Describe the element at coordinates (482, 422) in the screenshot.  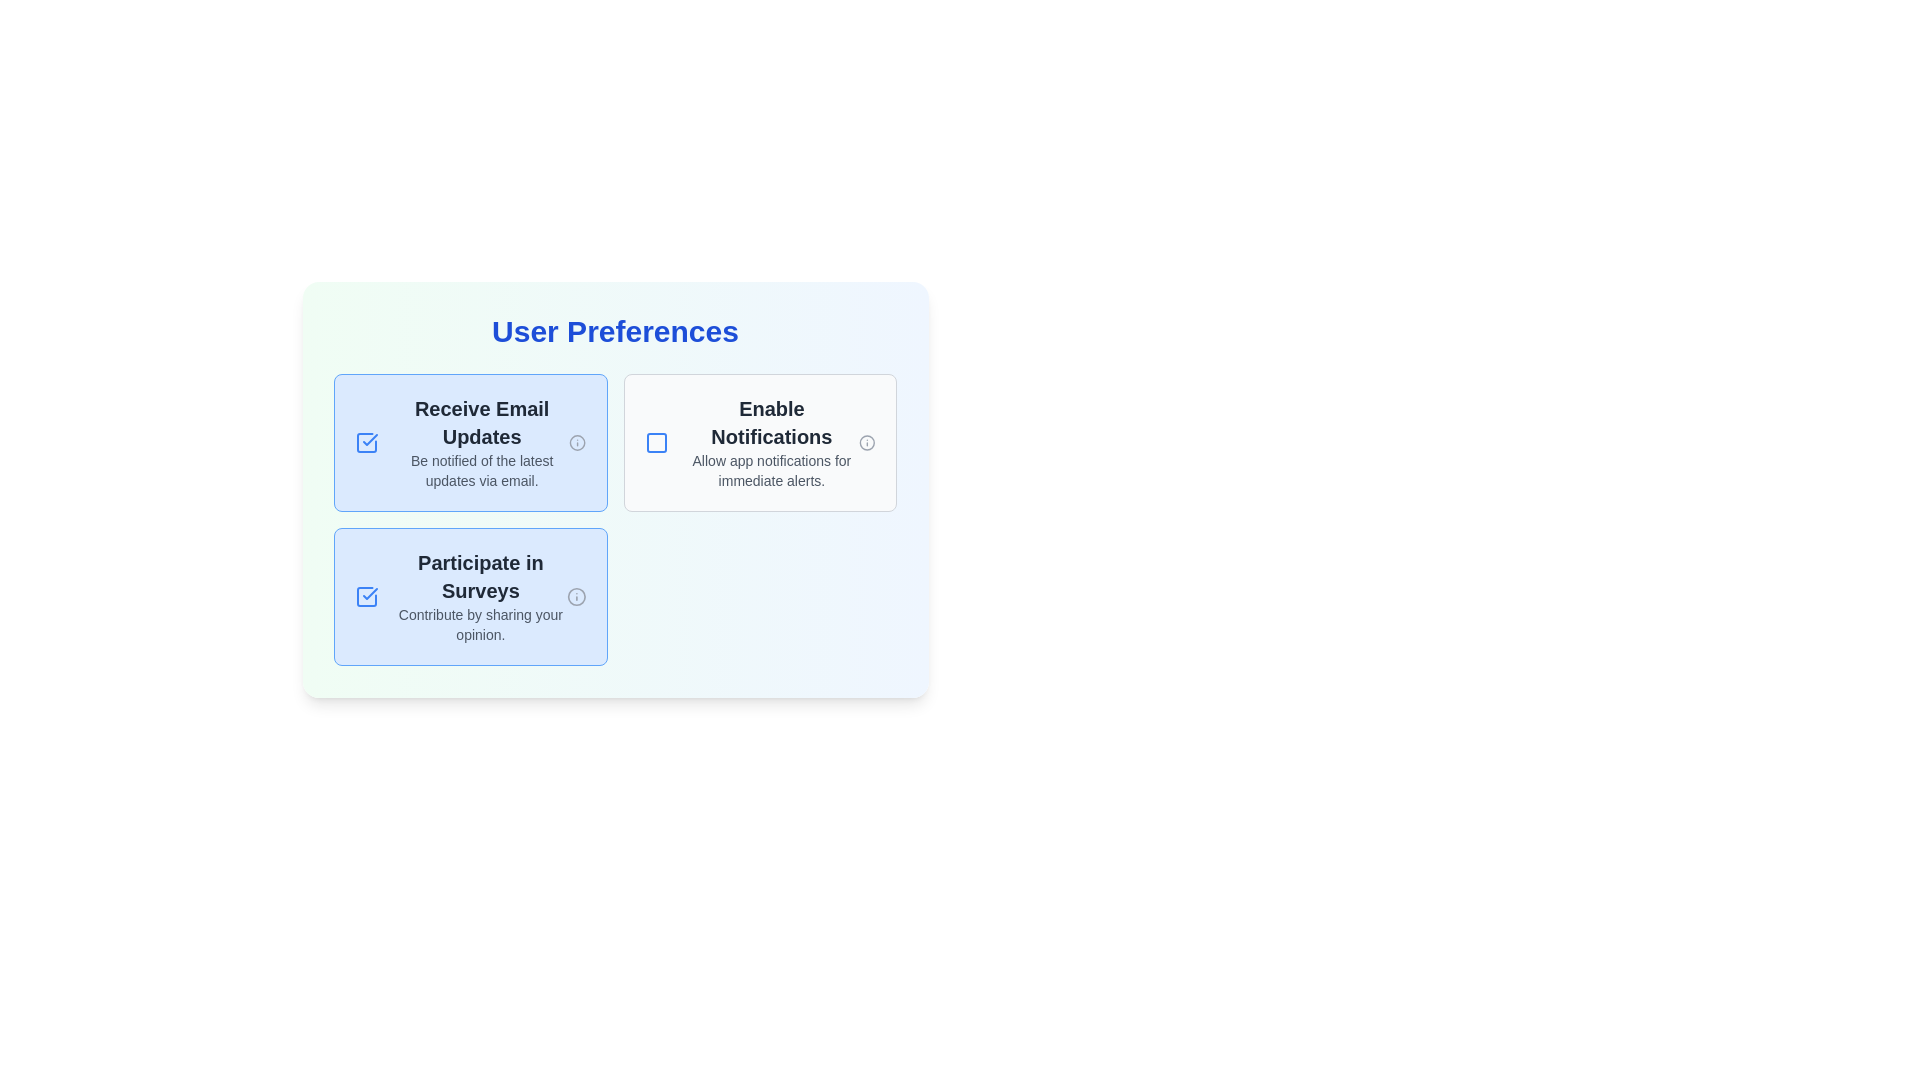
I see `the text label that reads 'Receive Email Updates', which is bold and dark in color, located in the upper-left card of the preference options grid` at that location.